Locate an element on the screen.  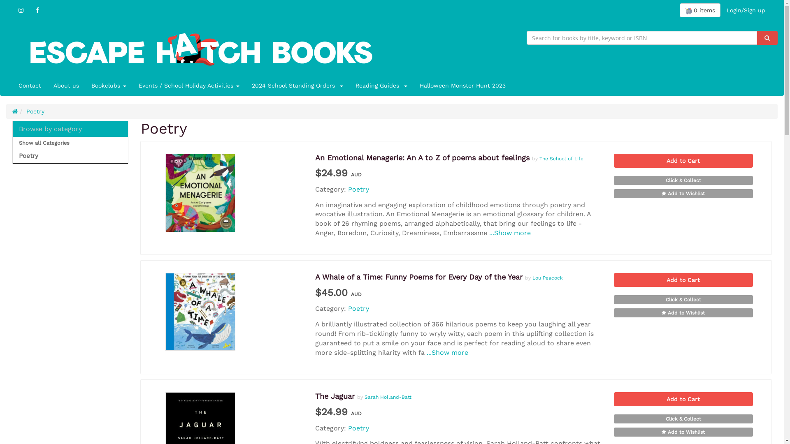
'Sarah Holland-Batt' is located at coordinates (387, 396).